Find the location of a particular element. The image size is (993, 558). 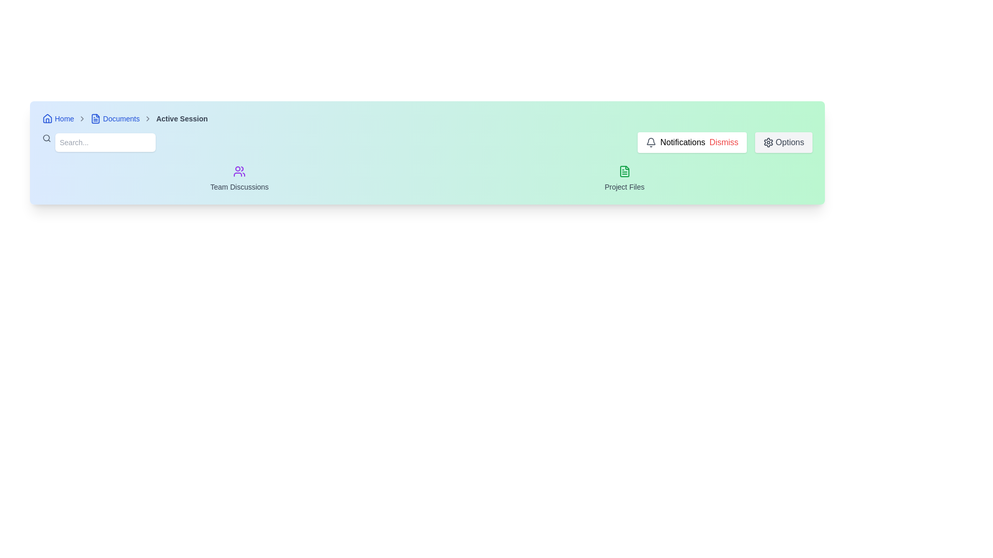

the button labeled 'Team Discussions' which has a purple icon representing multiple people is located at coordinates (239, 178).